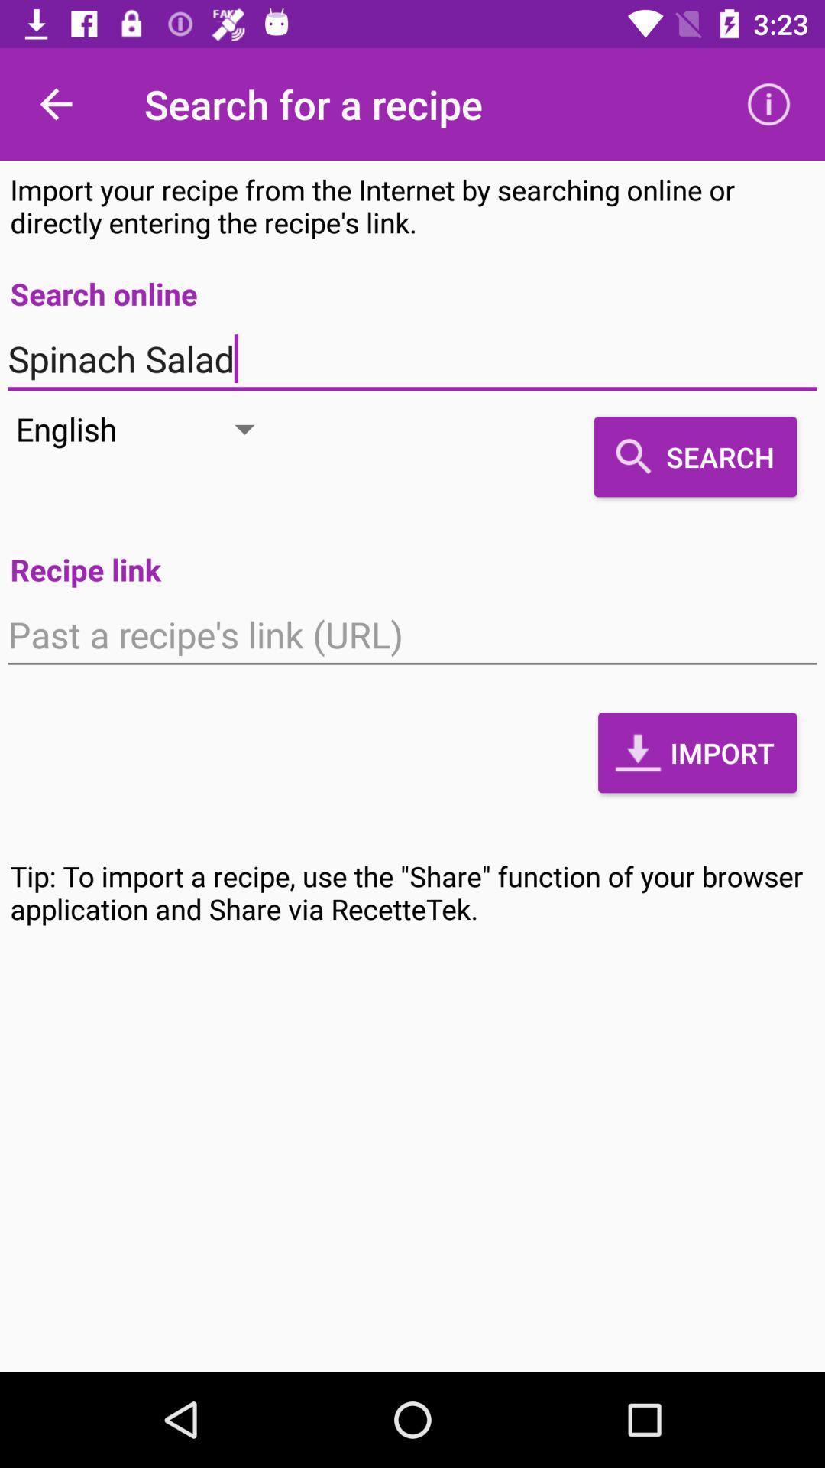 Image resolution: width=825 pixels, height=1468 pixels. Describe the element at coordinates (412, 635) in the screenshot. I see `blank space` at that location.